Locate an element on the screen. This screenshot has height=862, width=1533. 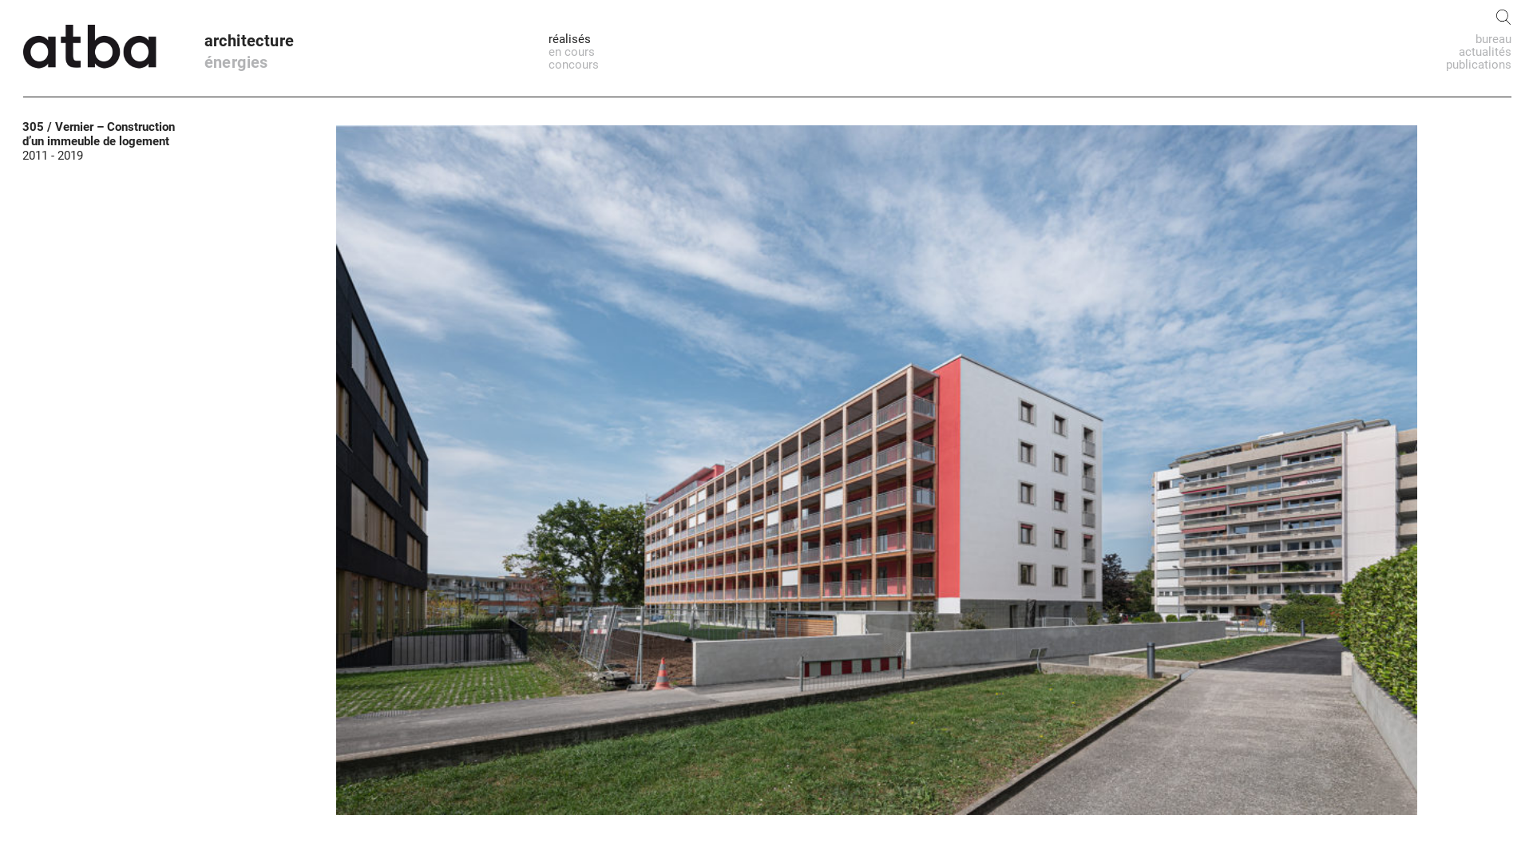
'en cours' is located at coordinates (571, 51).